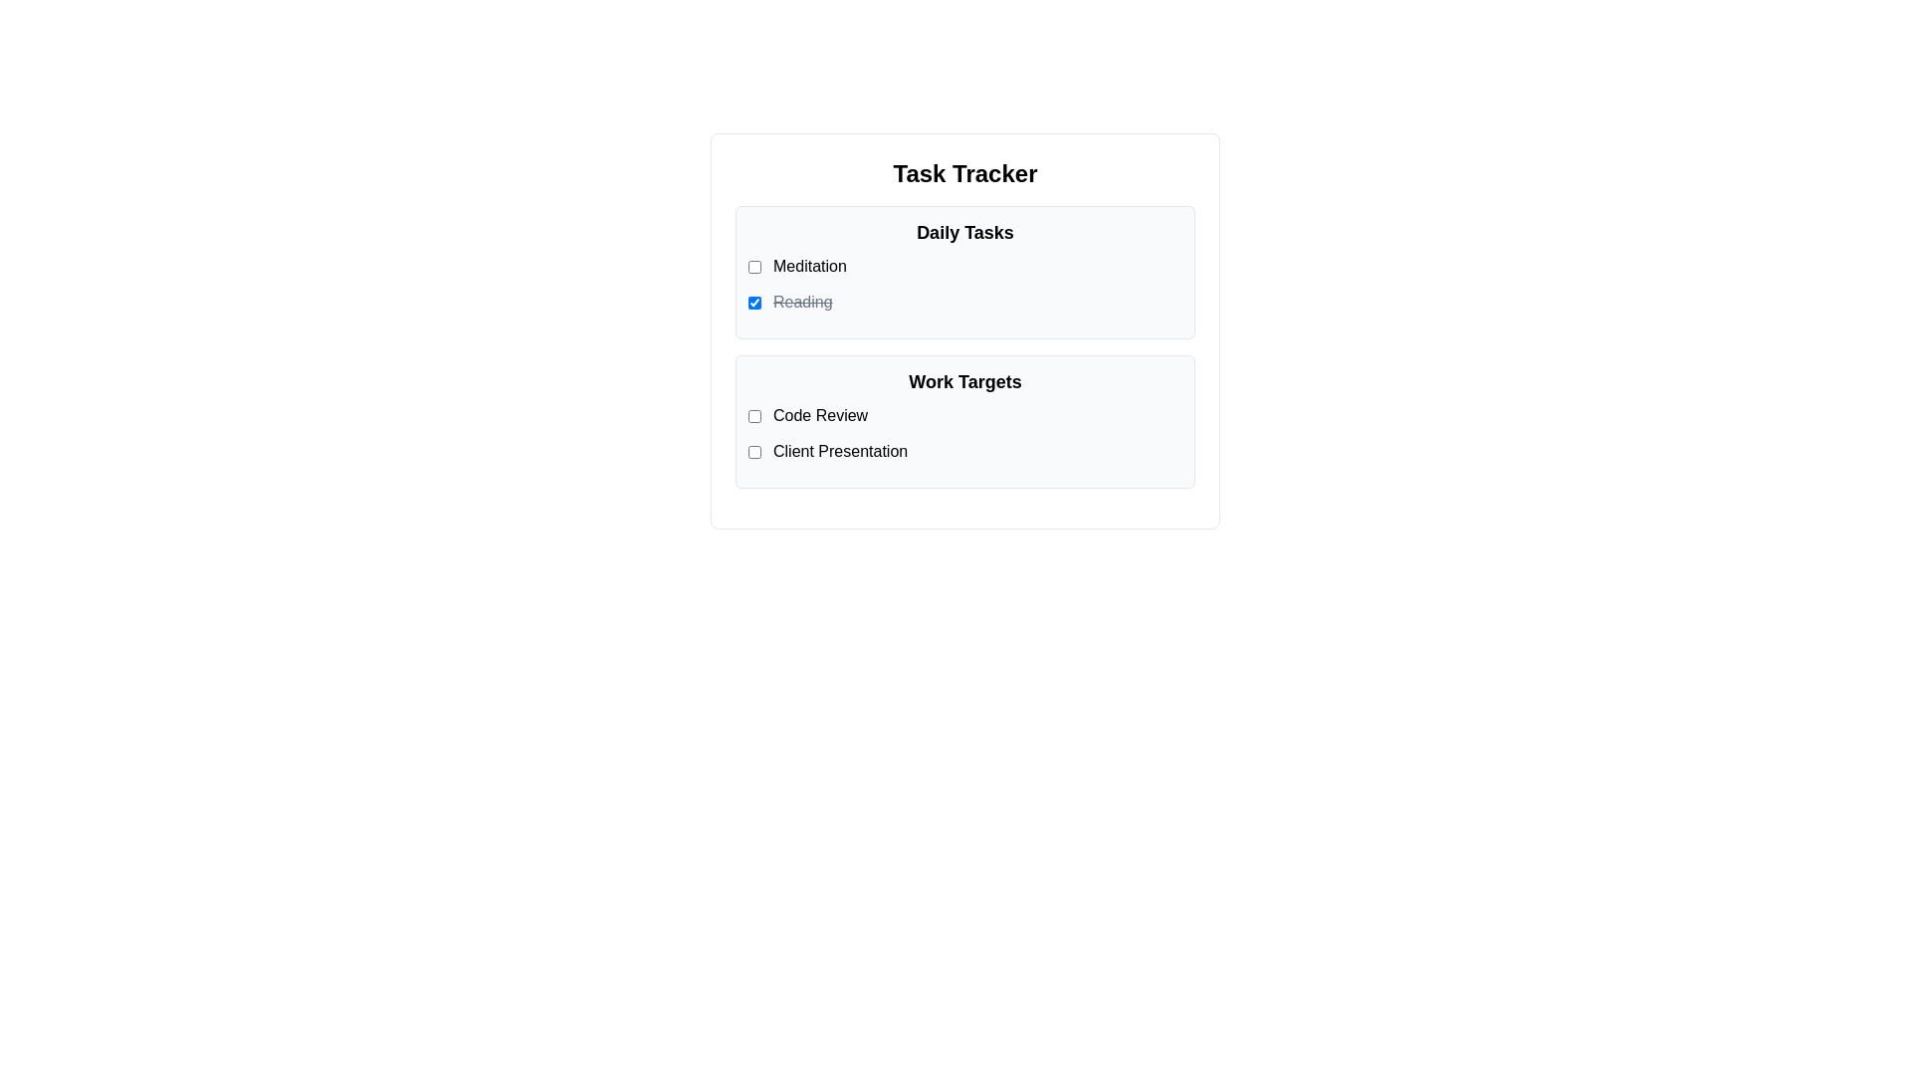 The width and height of the screenshot is (1911, 1075). I want to click on the 'Work Targets' section containing labeled checkboxes, so click(964, 421).